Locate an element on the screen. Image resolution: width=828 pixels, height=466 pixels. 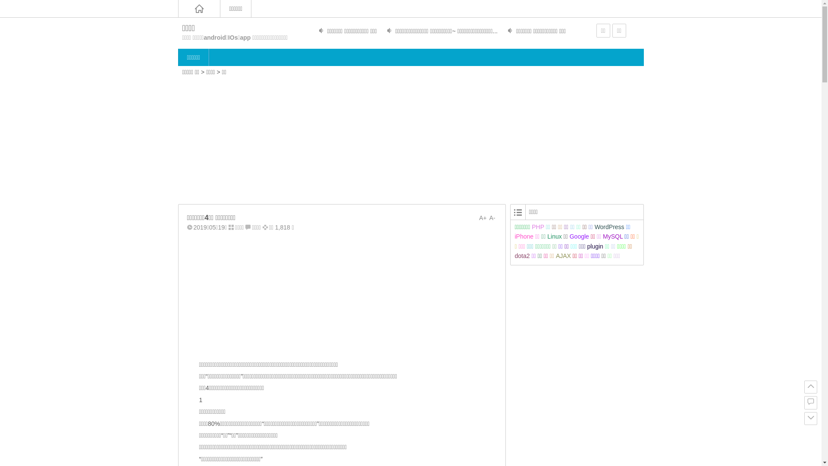
'plugin' is located at coordinates (595, 246).